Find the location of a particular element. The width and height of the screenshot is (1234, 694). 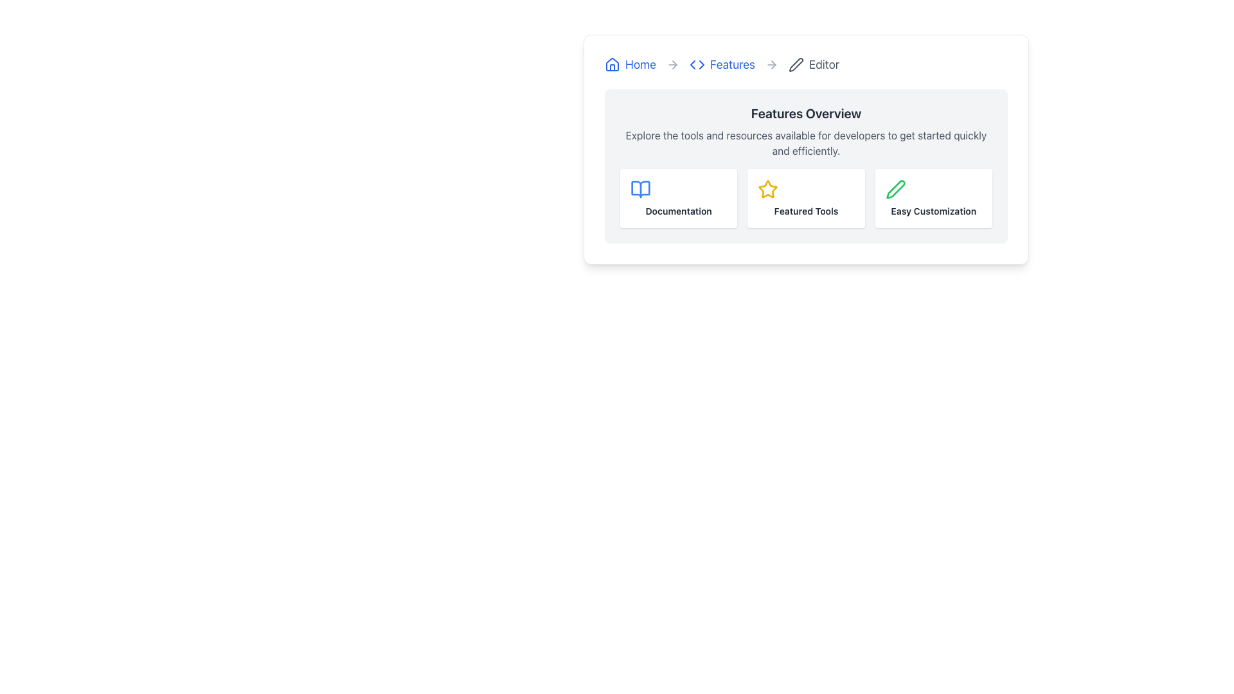

'Editor' text label, which is the last item in the breadcrumb navigation sequence, positioned to the right of a pen icon is located at coordinates (824, 64).